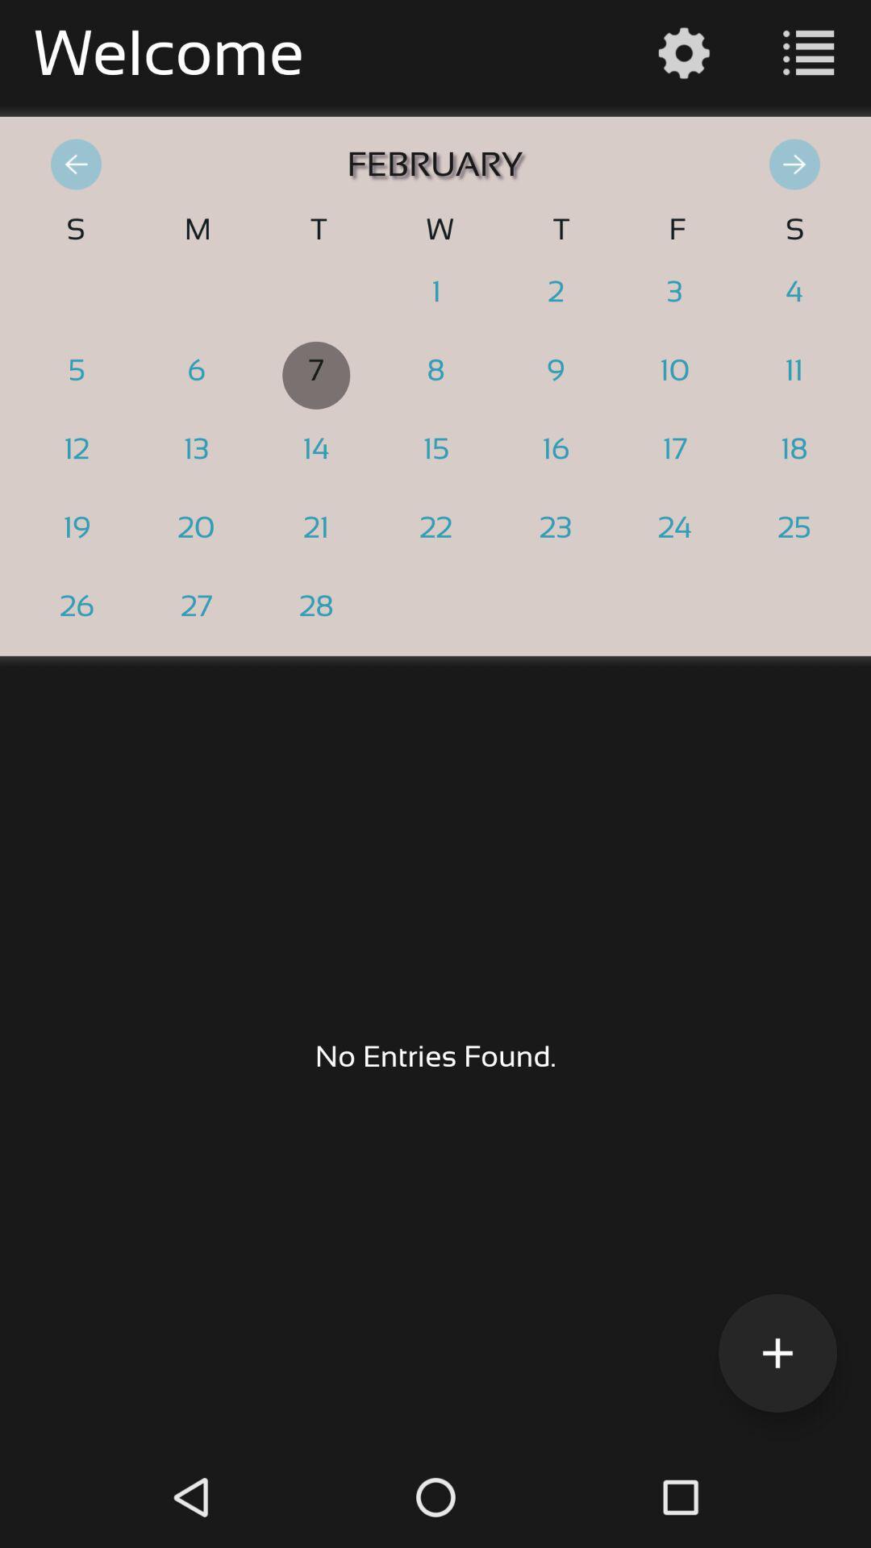 This screenshot has width=871, height=1548. Describe the element at coordinates (808, 52) in the screenshot. I see `the list icon` at that location.